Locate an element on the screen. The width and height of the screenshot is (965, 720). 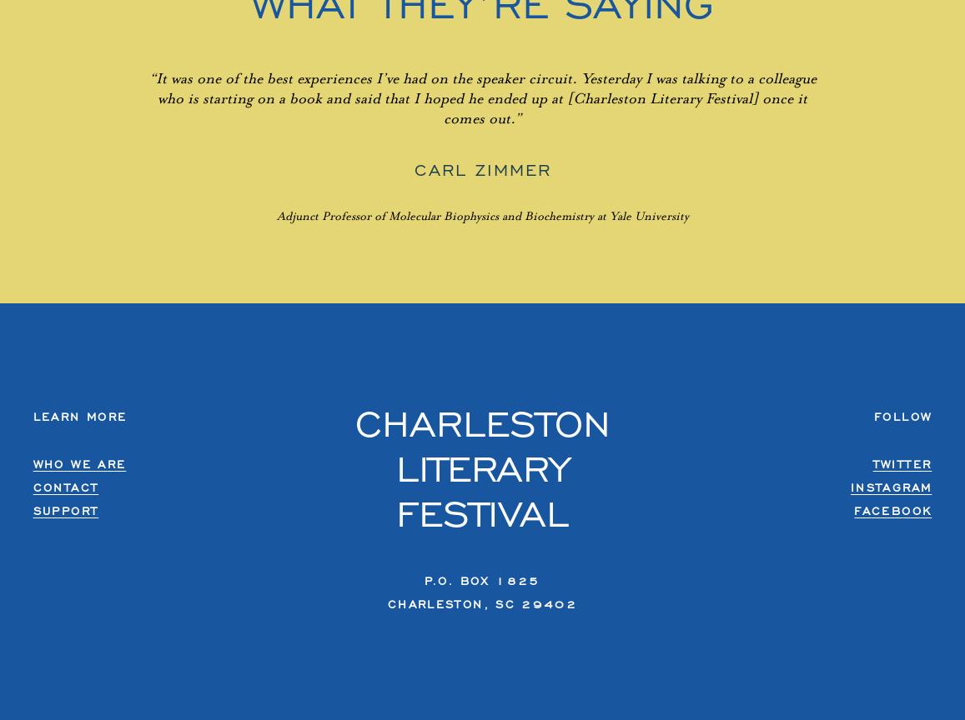
'Follow' is located at coordinates (902, 416).